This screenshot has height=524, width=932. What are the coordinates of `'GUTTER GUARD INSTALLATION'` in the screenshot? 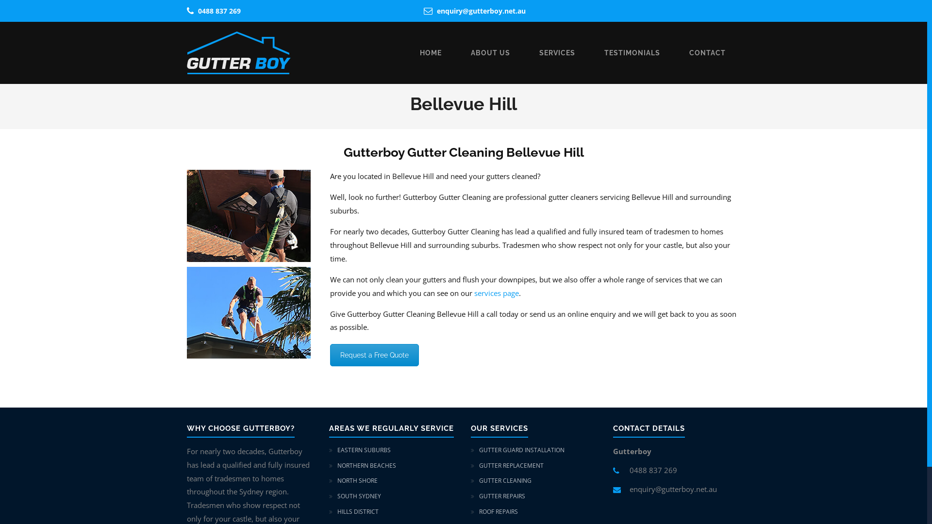 It's located at (521, 450).